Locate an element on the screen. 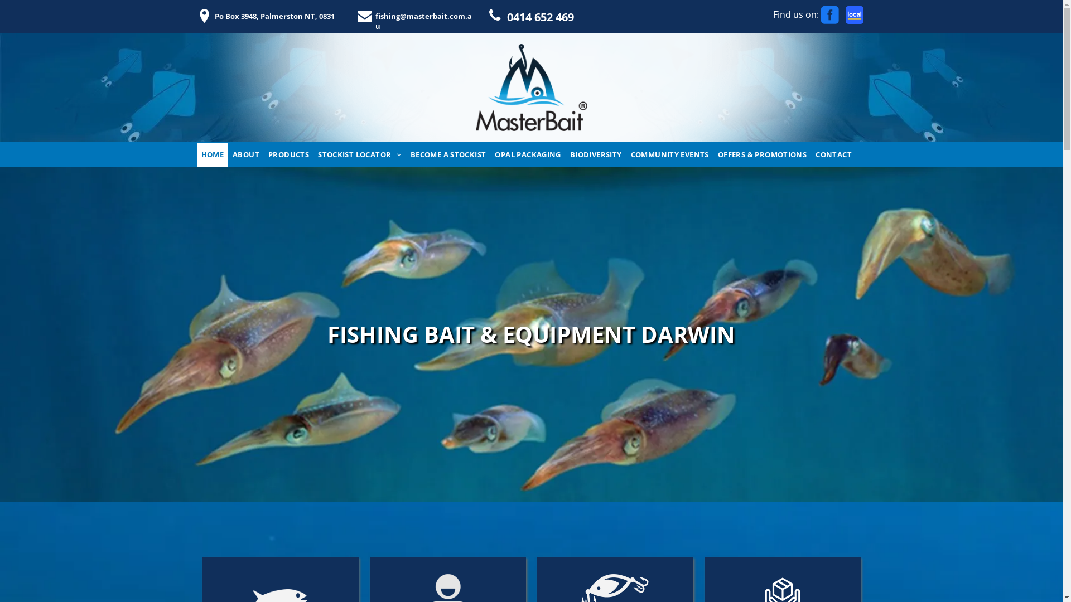 The image size is (1071, 602). 'COMMUNITY EVENTS' is located at coordinates (669, 154).